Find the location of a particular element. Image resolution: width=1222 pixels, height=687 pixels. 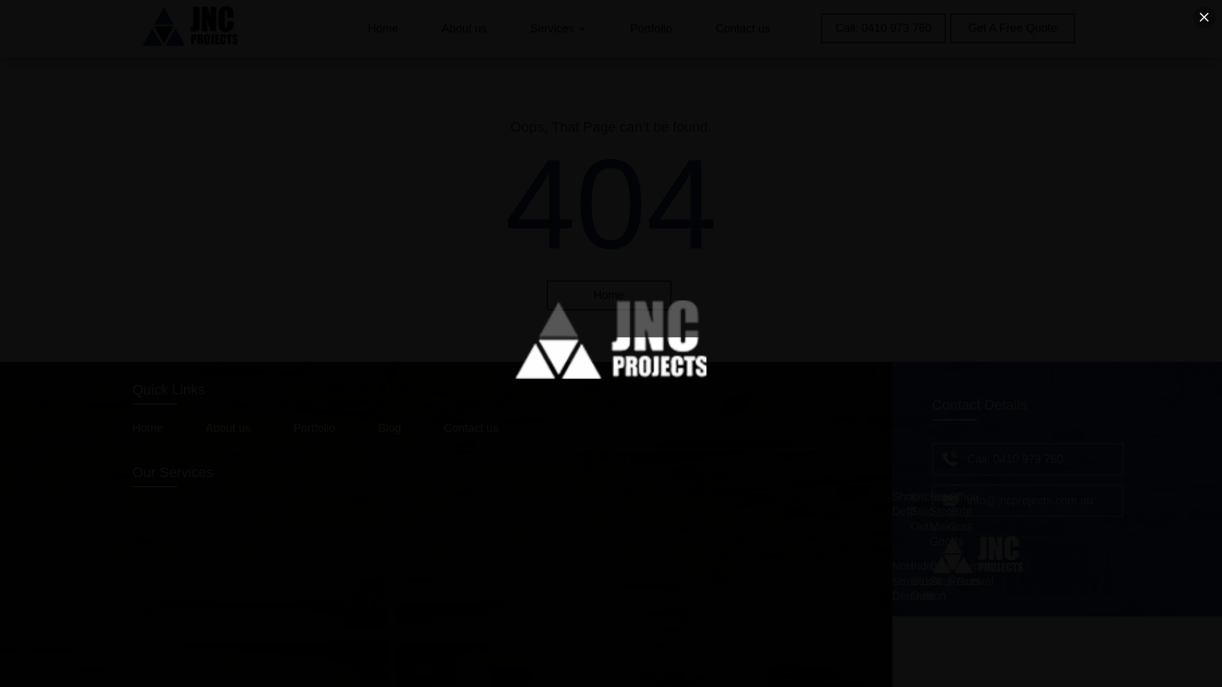

'Shop Defit' is located at coordinates (904, 522).